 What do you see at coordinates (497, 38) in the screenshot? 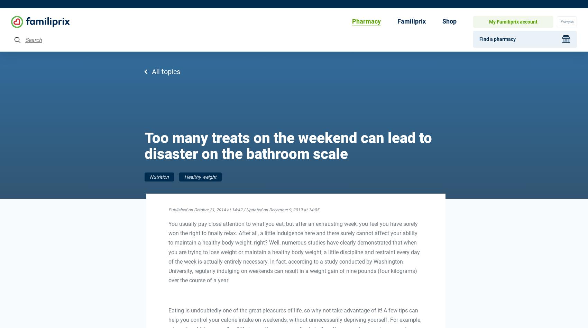
I see `'Find a pharmacy'` at bounding box center [497, 38].